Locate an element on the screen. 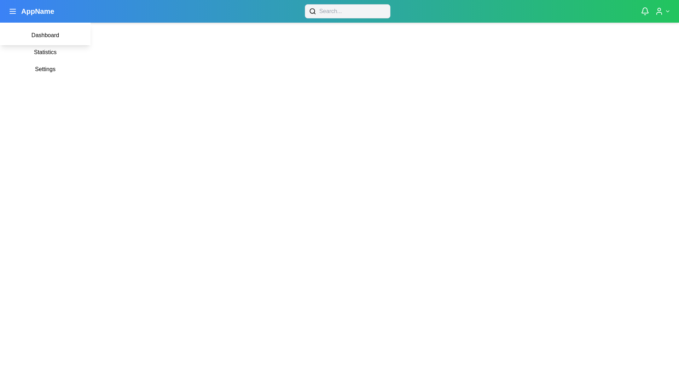 The width and height of the screenshot is (679, 382). the search magnifier icon located at the leftmost end of the search input field in the top navigation bar is located at coordinates (312, 11).